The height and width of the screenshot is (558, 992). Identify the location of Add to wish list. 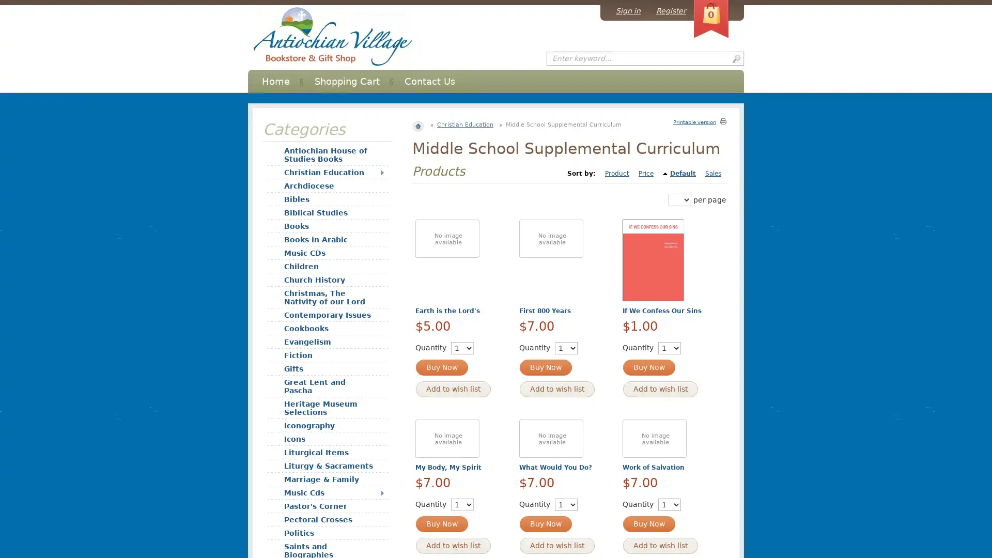
(660, 545).